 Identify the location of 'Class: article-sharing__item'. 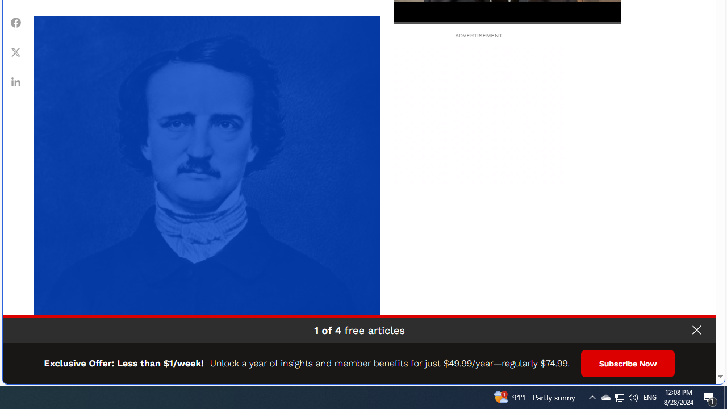
(16, 81).